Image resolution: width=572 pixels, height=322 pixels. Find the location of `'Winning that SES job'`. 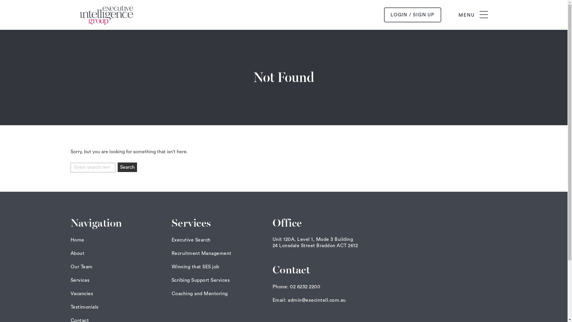

'Winning that SES job' is located at coordinates (195, 266).